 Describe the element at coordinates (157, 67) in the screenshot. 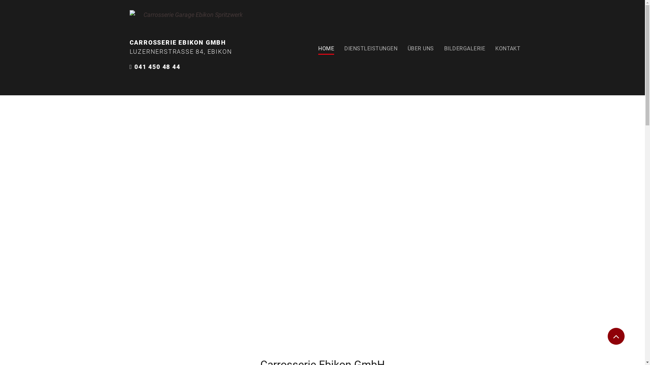

I see `'041 450 48 44'` at that location.